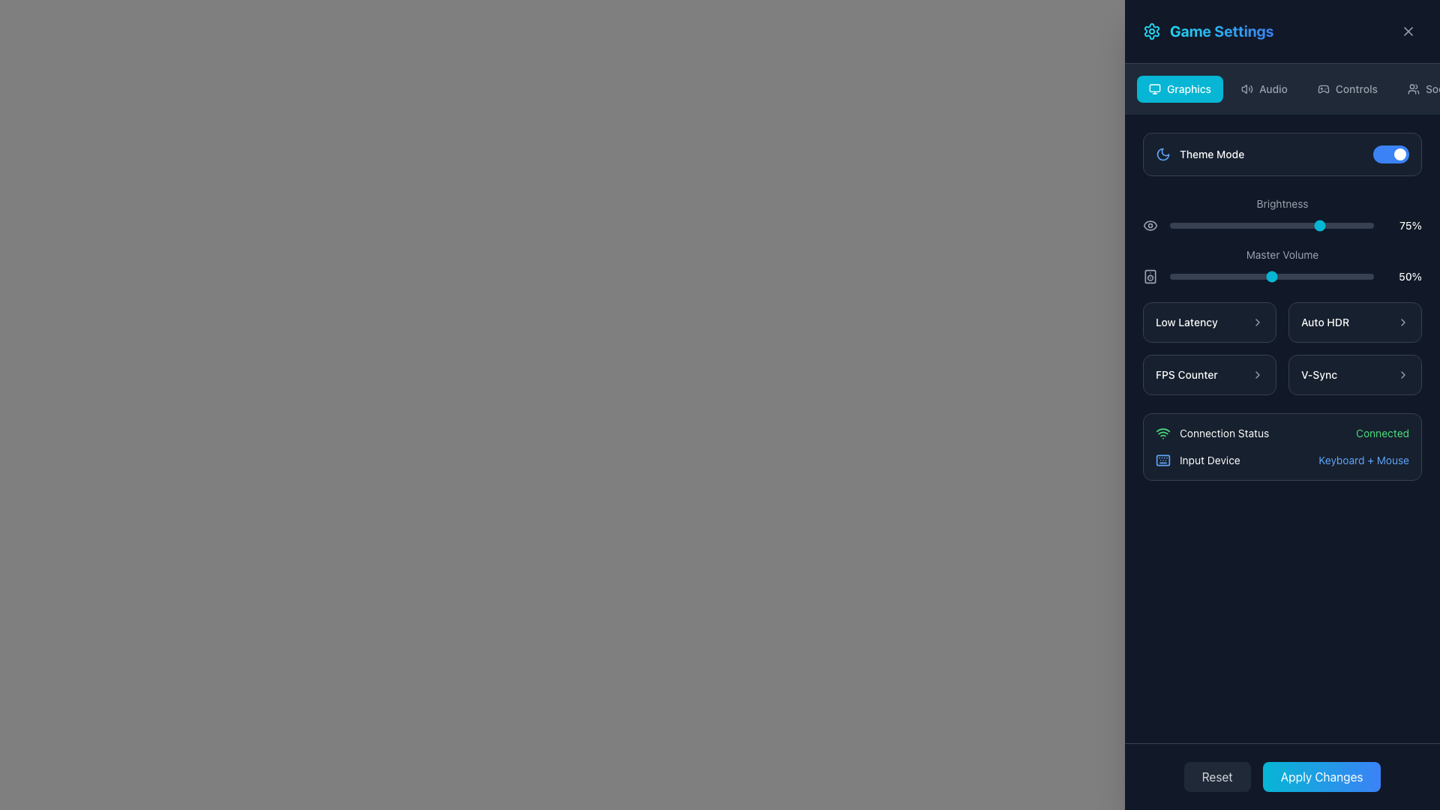 Image resolution: width=1440 pixels, height=810 pixels. Describe the element at coordinates (1210, 459) in the screenshot. I see `the Text Label indicating the type of input device currently active or connected, labeled 'Input Device', located in the 'Connection Status' section of the interface` at that location.